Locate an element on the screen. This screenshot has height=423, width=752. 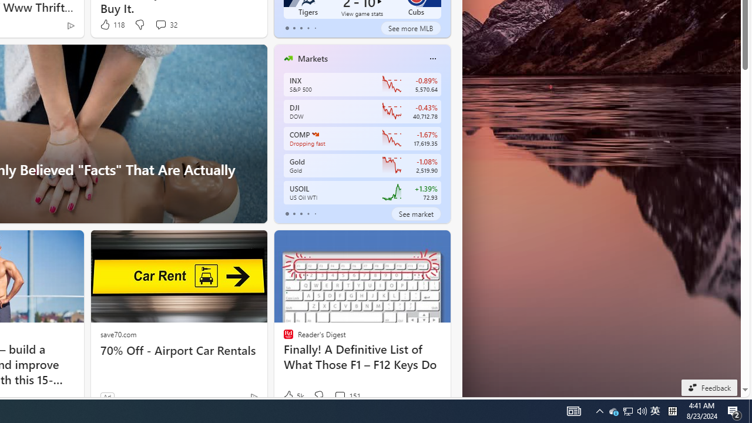
'View comments 151 Comment' is located at coordinates (347, 396).